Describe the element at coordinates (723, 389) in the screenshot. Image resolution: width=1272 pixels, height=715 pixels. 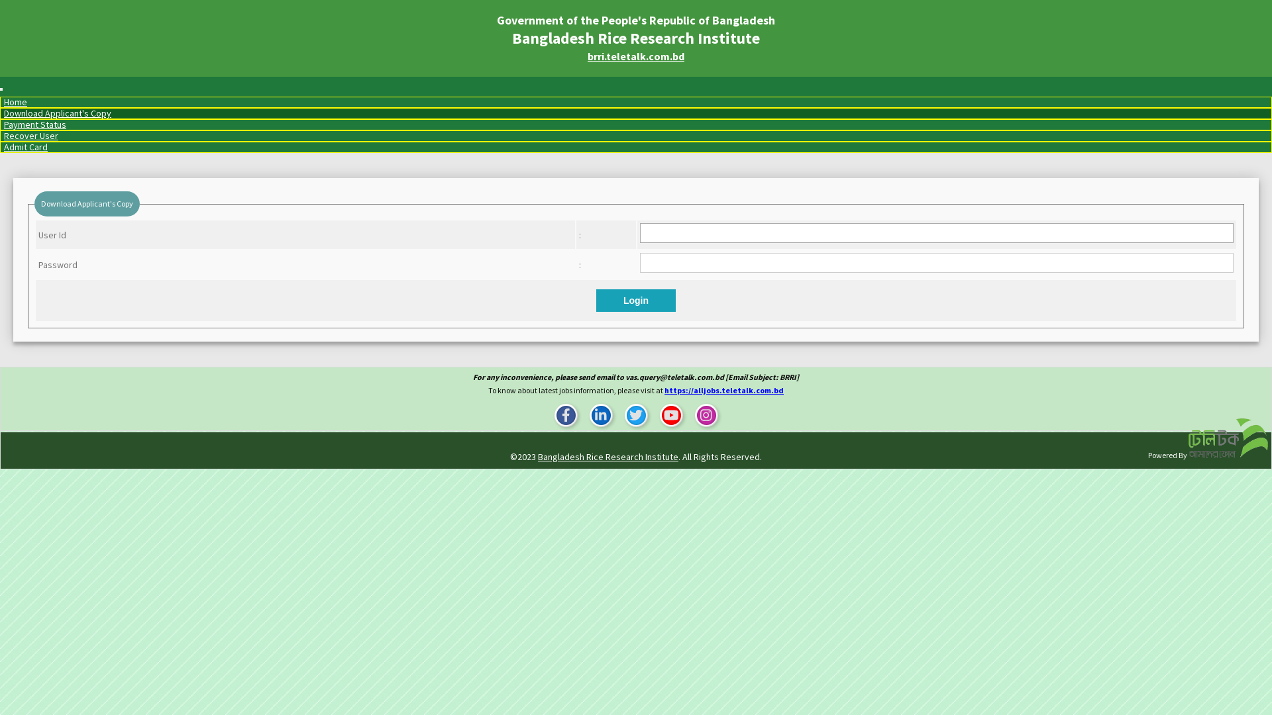
I see `'https://alljobs.teletalk.com.bd'` at that location.